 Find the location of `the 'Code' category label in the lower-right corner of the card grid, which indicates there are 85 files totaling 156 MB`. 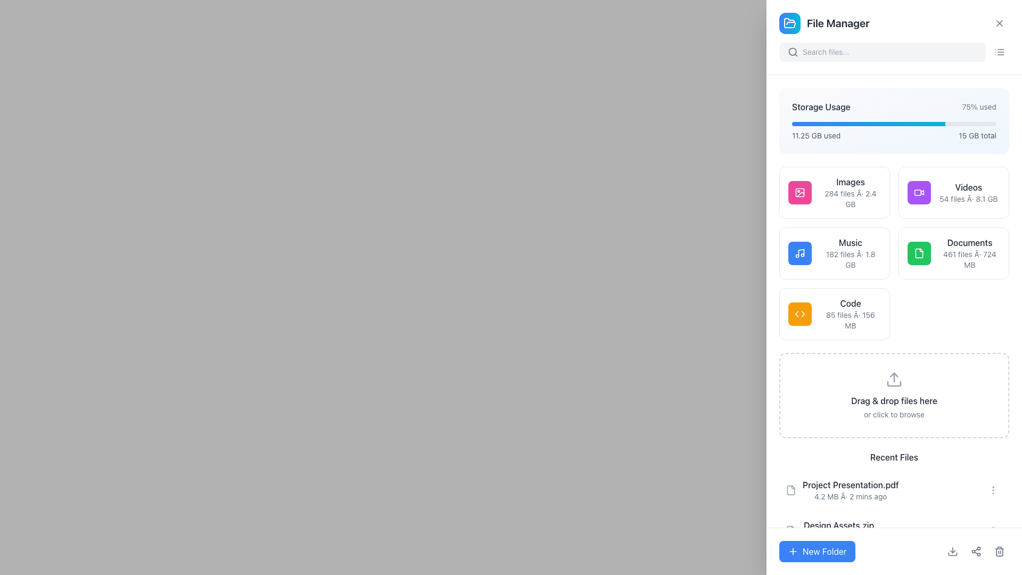

the 'Code' category label in the lower-right corner of the card grid, which indicates there are 85 files totaling 156 MB is located at coordinates (850, 314).